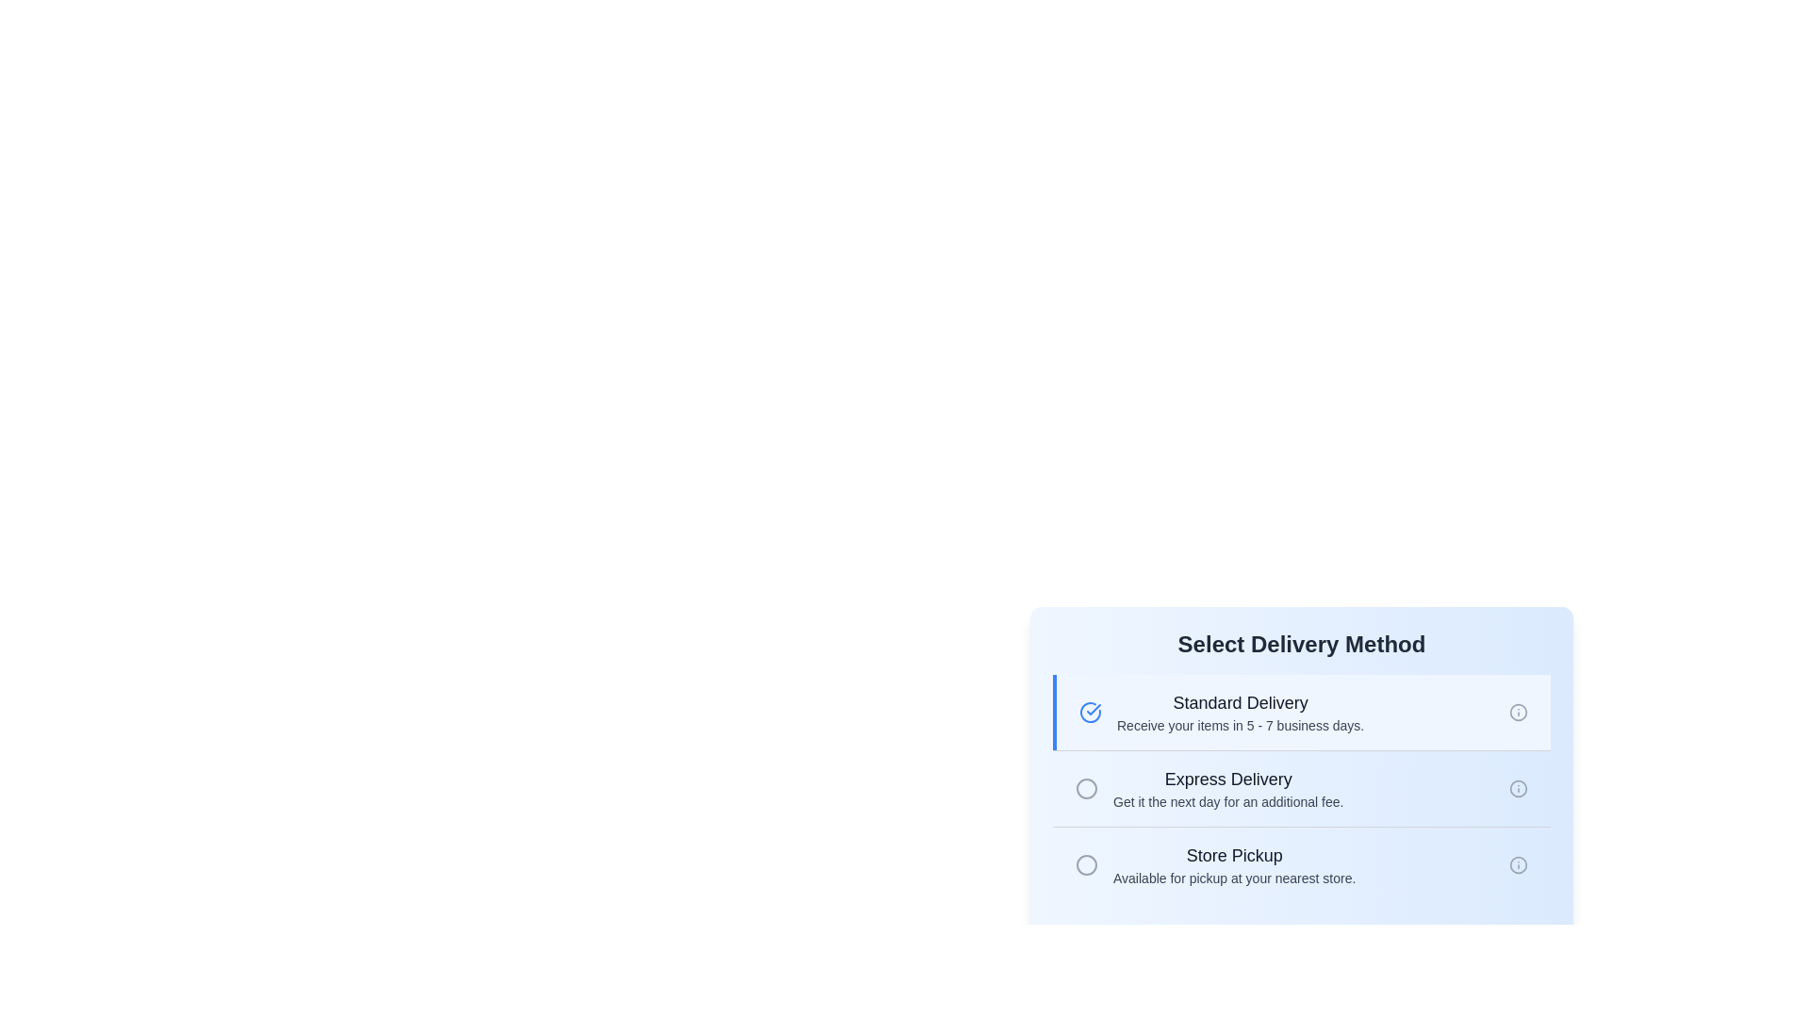 The image size is (1810, 1018). I want to click on the bold 'Store Pickup' label located near the bottom of the delivery method selection panel, which is styled in dark gray and is medium-large in font size, so click(1234, 855).